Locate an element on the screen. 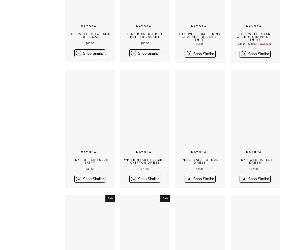  'Off White Ballerina Graphic Ruffle T-Shirt' is located at coordinates (199, 37).